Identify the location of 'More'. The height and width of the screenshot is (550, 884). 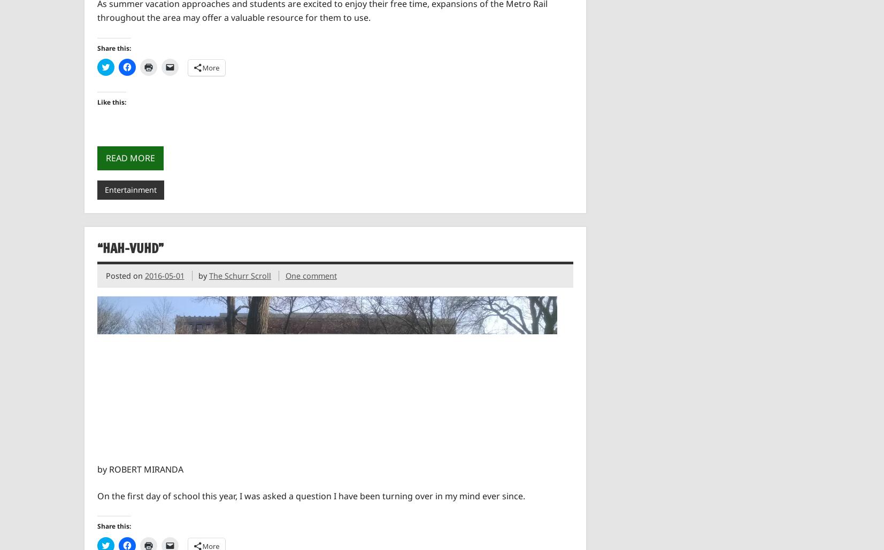
(210, 67).